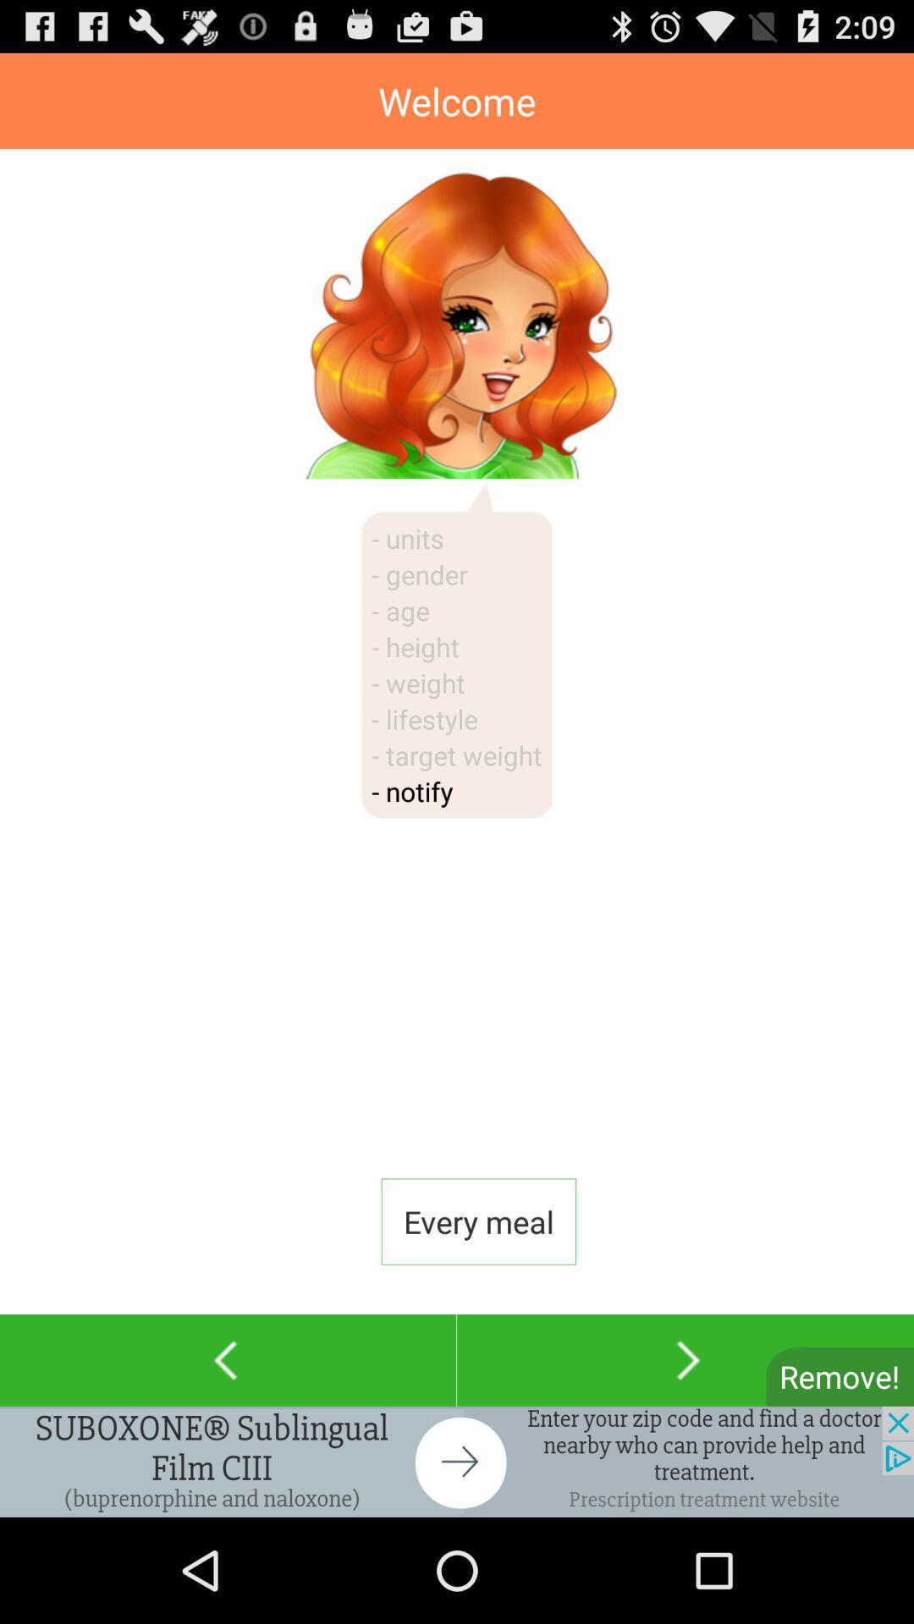 The width and height of the screenshot is (914, 1624). I want to click on next, so click(685, 1360).